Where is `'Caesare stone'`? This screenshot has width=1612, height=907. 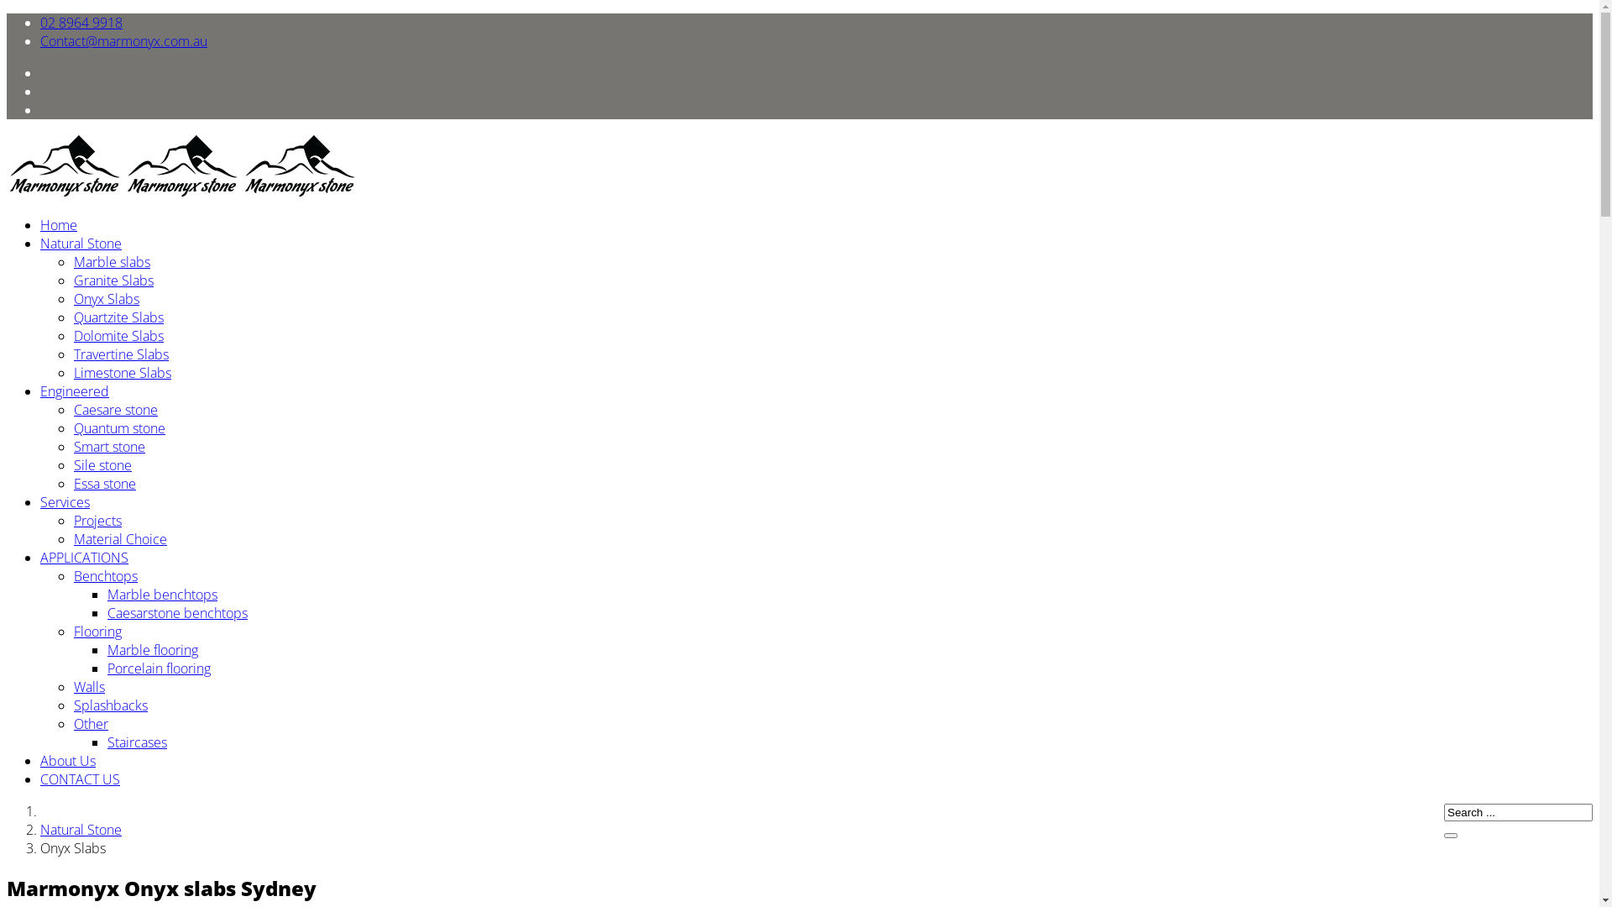
'Caesare stone' is located at coordinates (115, 410).